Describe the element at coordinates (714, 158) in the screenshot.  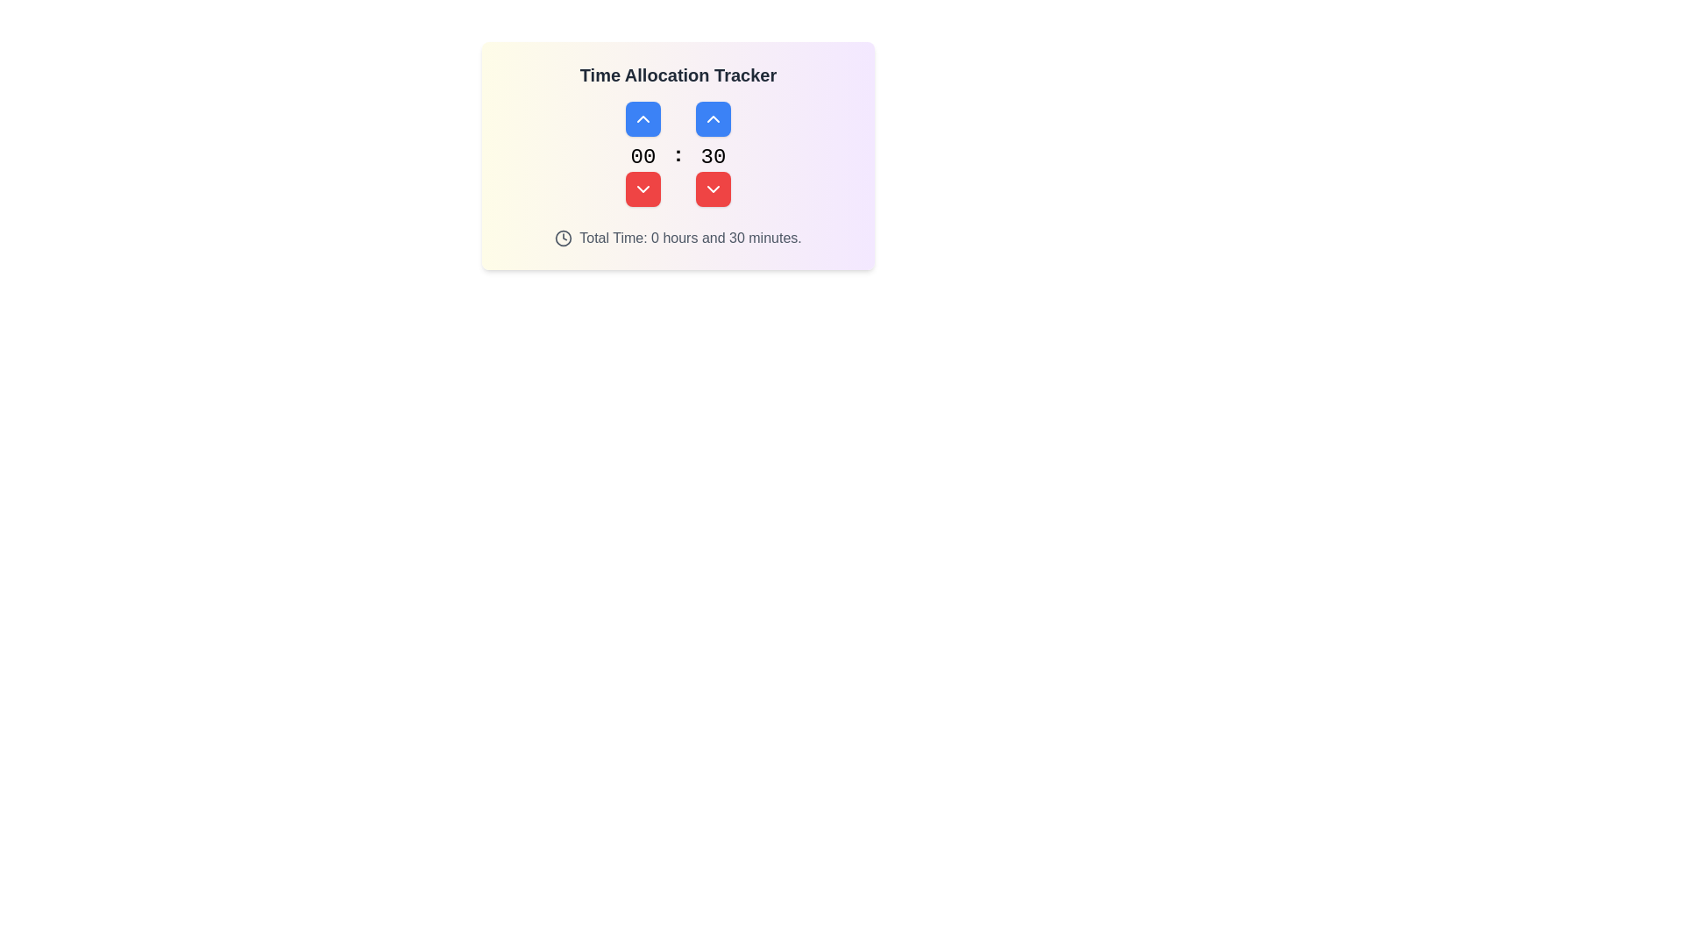
I see `the text element displaying '30' in a large monospace font, located beneath the upward-pointing arrow and above the downward-pointing arrow in the time adjustment interface` at that location.